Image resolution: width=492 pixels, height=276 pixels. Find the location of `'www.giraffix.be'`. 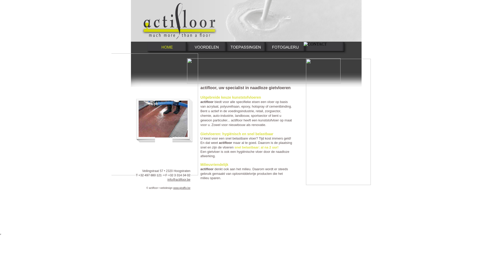

'www.giraffix.be' is located at coordinates (182, 188).